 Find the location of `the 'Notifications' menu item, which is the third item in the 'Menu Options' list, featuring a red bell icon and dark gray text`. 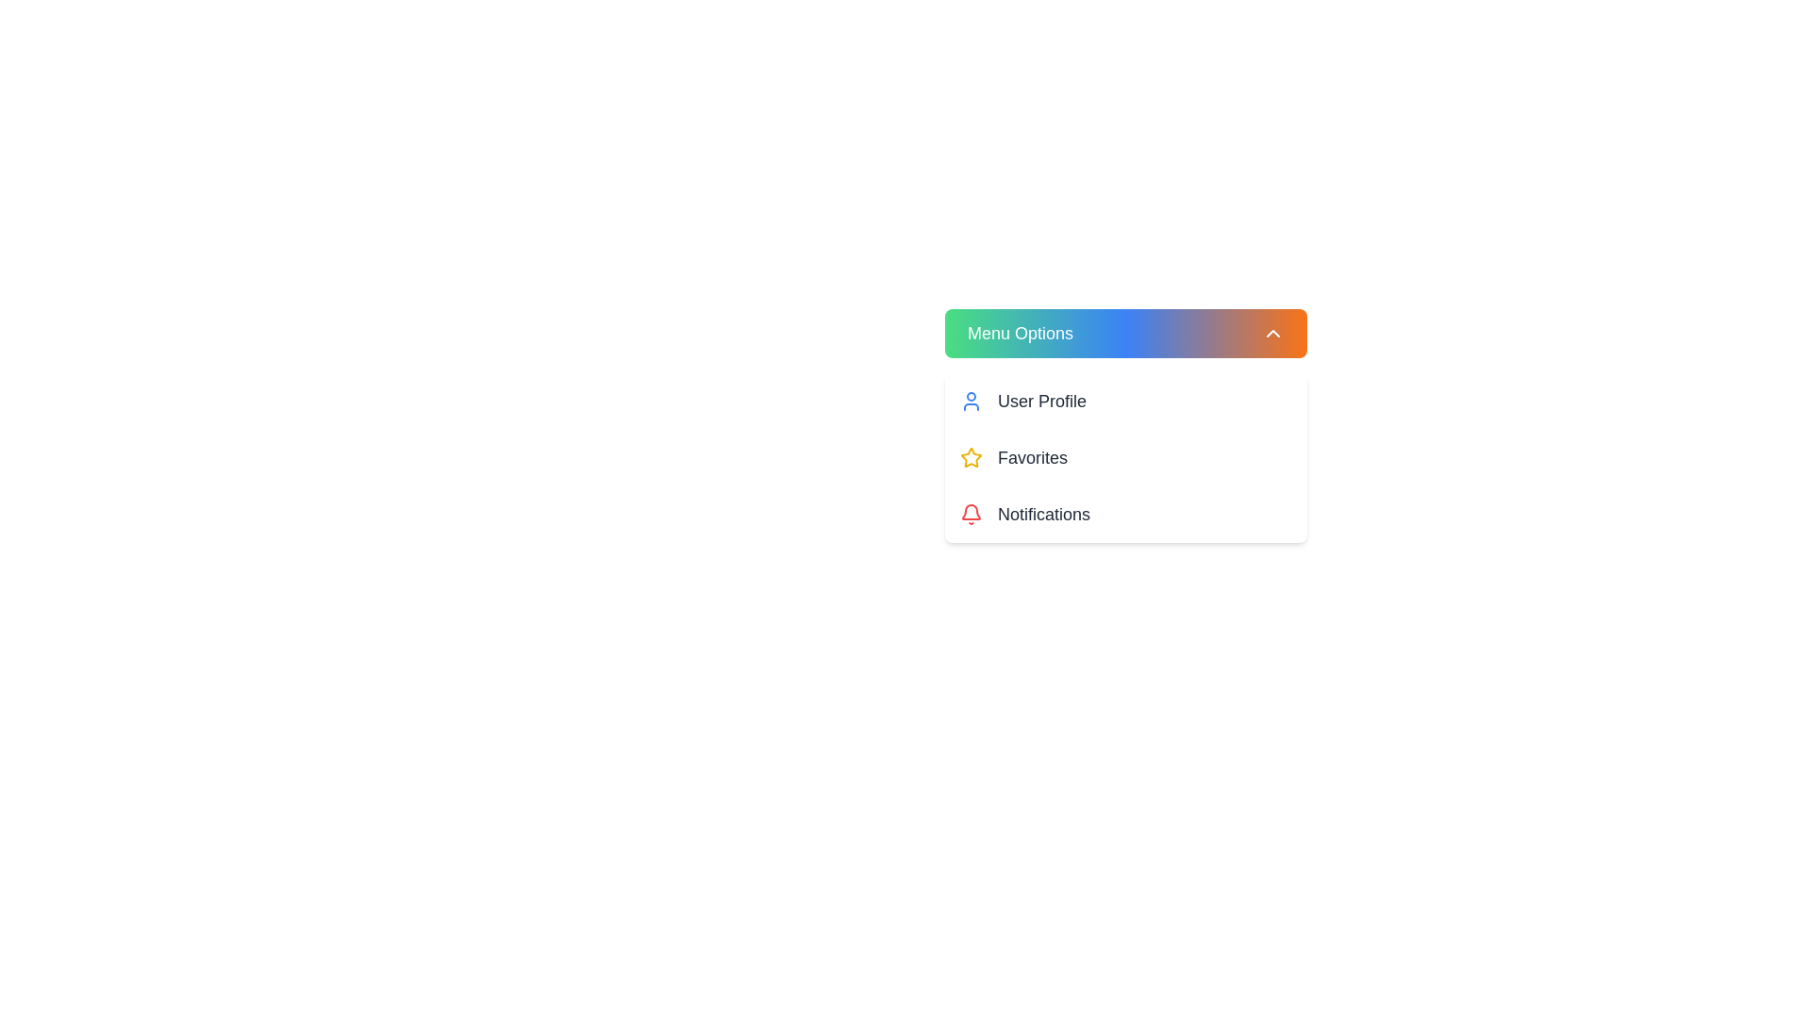

the 'Notifications' menu item, which is the third item in the 'Menu Options' list, featuring a red bell icon and dark gray text is located at coordinates (1126, 515).